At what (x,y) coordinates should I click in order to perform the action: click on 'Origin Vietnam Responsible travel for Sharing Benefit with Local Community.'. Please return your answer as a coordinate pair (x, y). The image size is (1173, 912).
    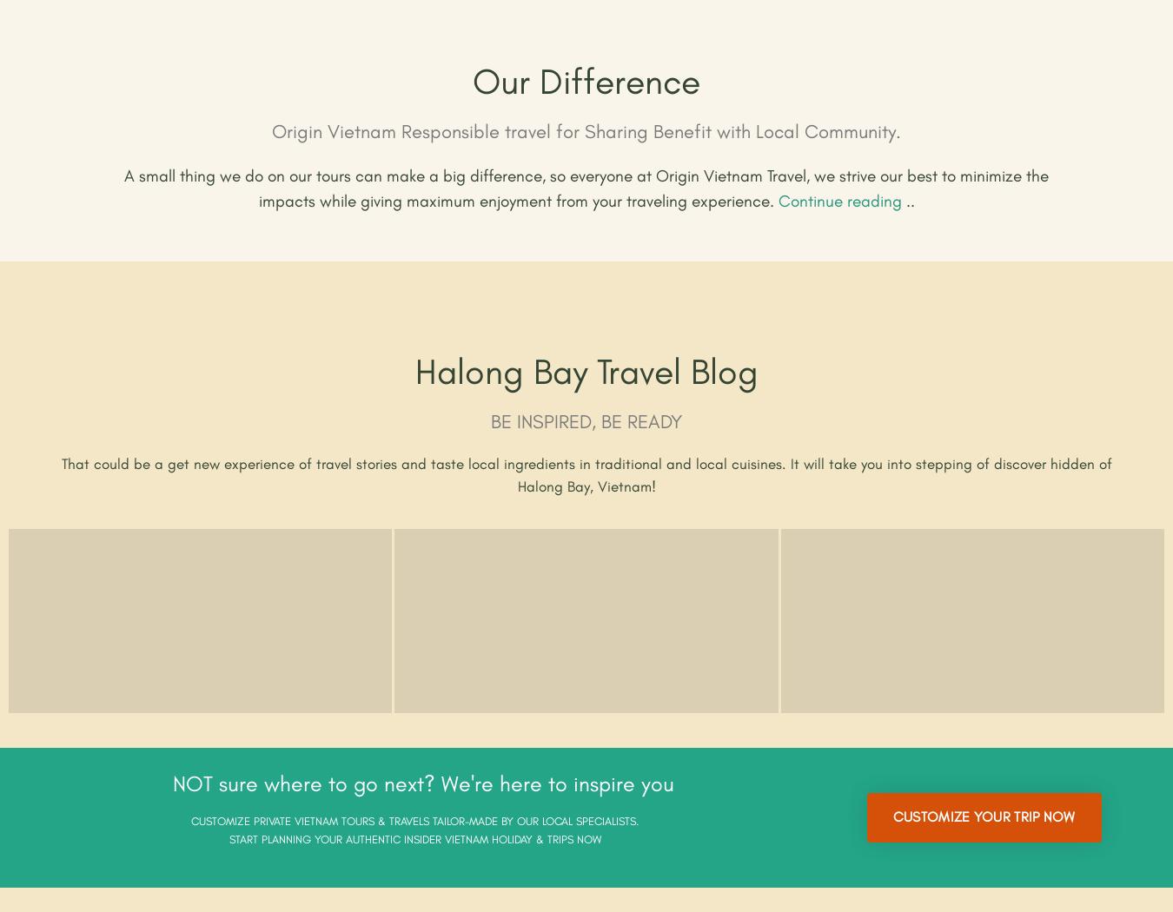
    Looking at the image, I should click on (586, 132).